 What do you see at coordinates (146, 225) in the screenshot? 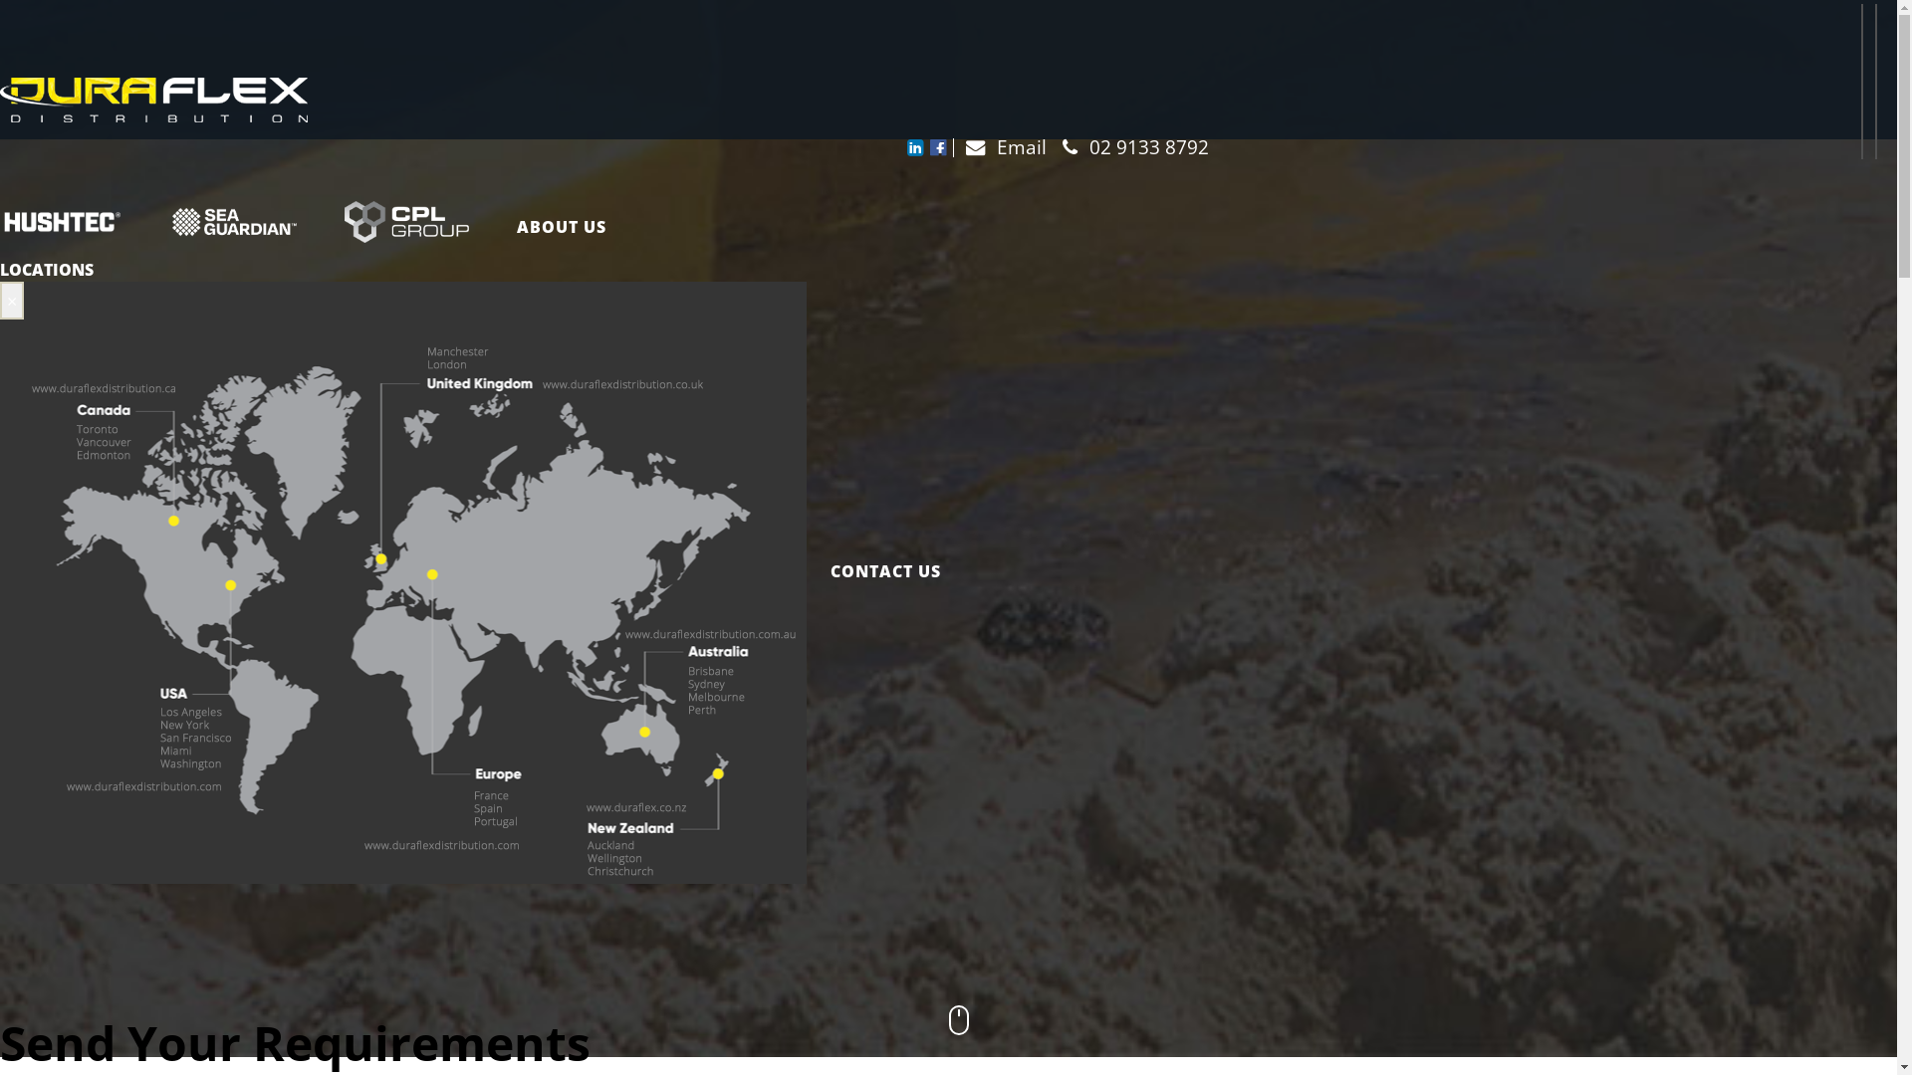
I see `'GREENTEC ENVIRONMENTAL AU'` at bounding box center [146, 225].